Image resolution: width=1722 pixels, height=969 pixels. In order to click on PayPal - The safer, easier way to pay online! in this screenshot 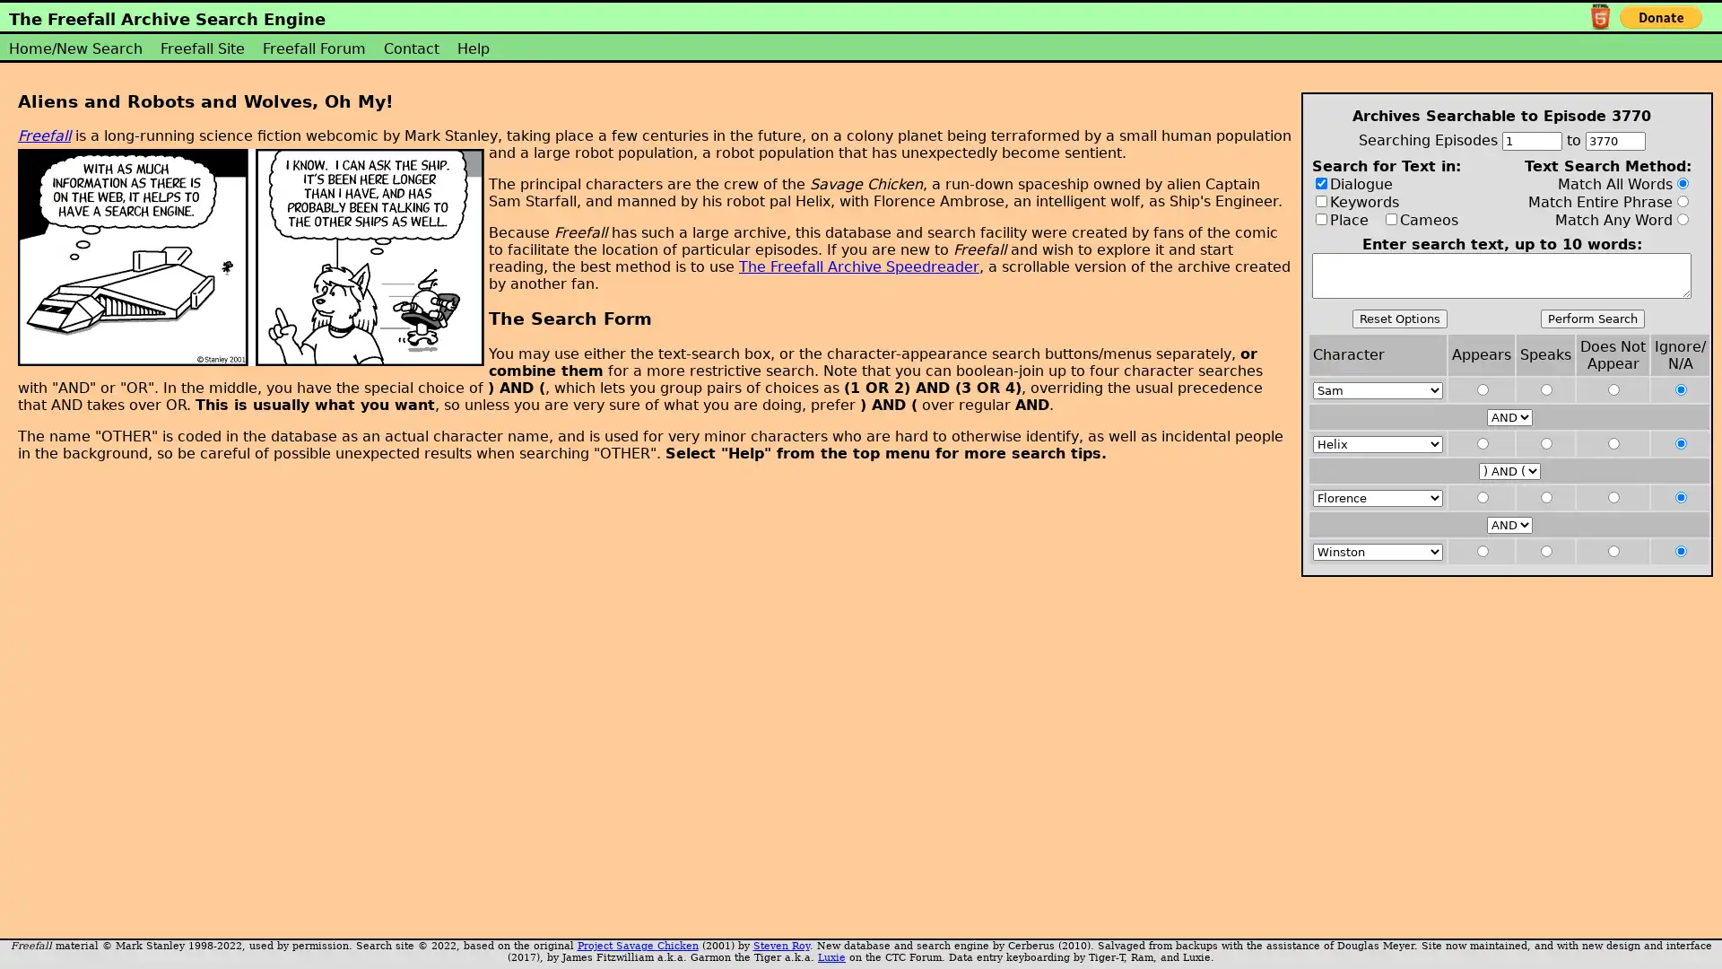, I will do `click(1660, 17)`.